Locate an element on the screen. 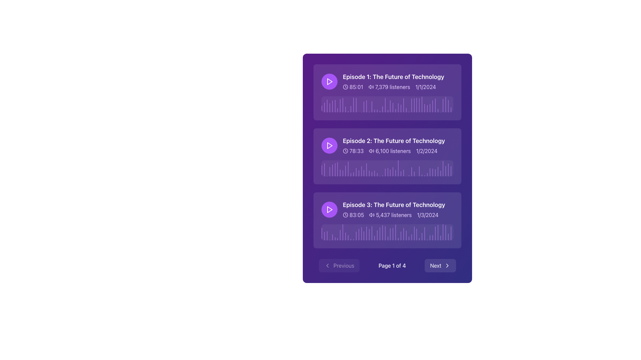  the play button for 'Episode 3: The Future of Technology' is located at coordinates (330, 209).